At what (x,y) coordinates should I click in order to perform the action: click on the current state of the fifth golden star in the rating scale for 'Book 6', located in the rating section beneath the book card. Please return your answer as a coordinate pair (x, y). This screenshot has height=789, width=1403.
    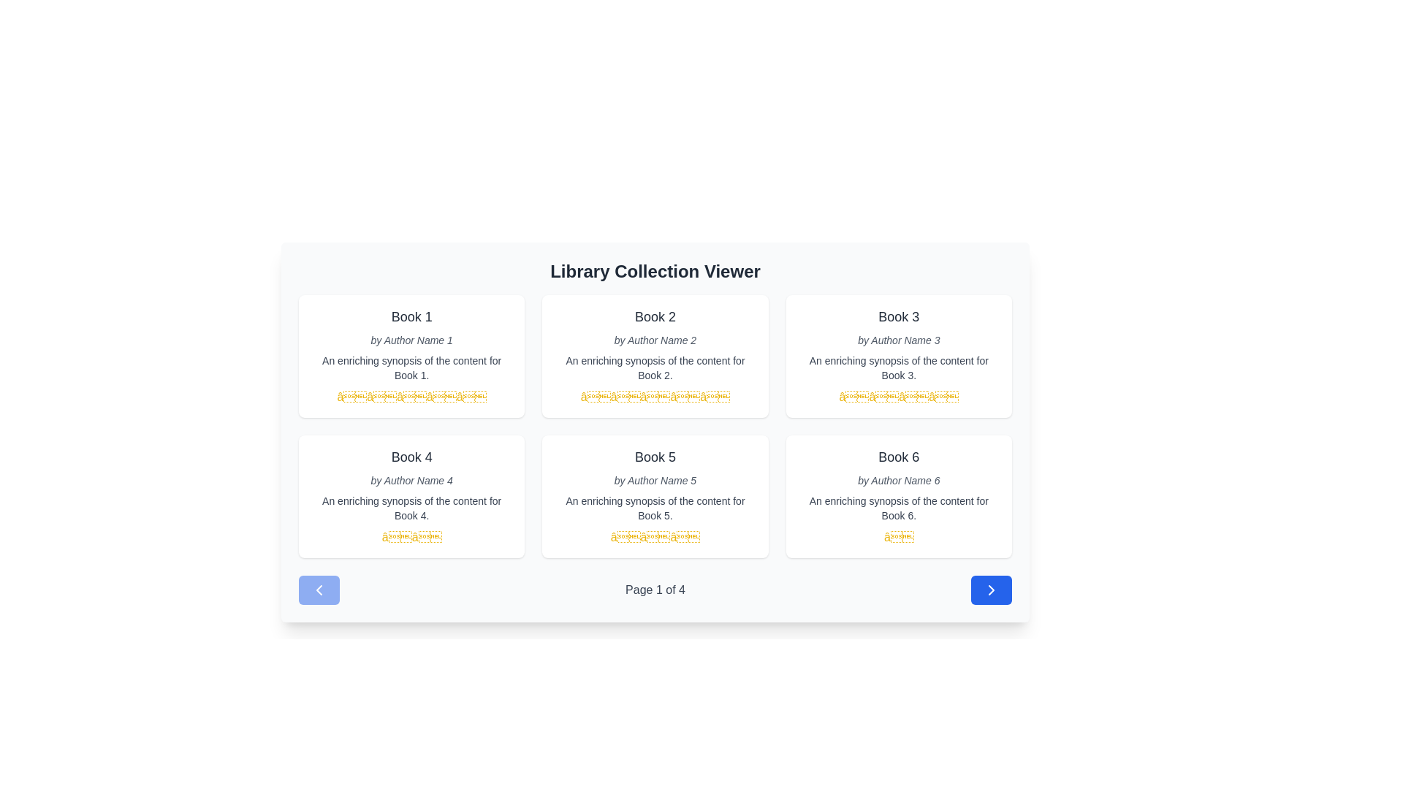
    Looking at the image, I should click on (898, 537).